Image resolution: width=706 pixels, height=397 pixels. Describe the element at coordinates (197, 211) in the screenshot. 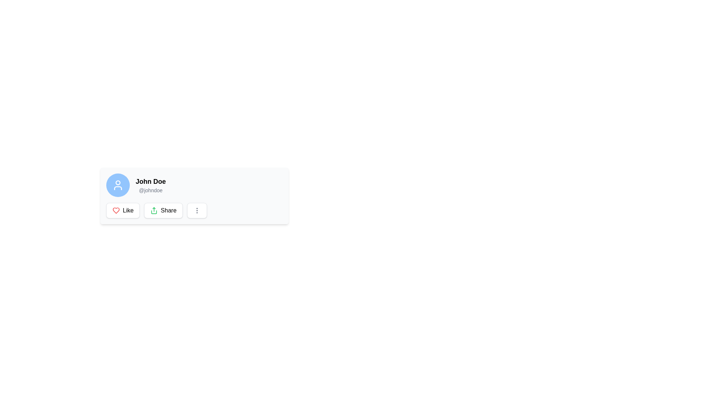

I see `the vertical ellipsis icon located at the bottom-right corner of the card component` at that location.